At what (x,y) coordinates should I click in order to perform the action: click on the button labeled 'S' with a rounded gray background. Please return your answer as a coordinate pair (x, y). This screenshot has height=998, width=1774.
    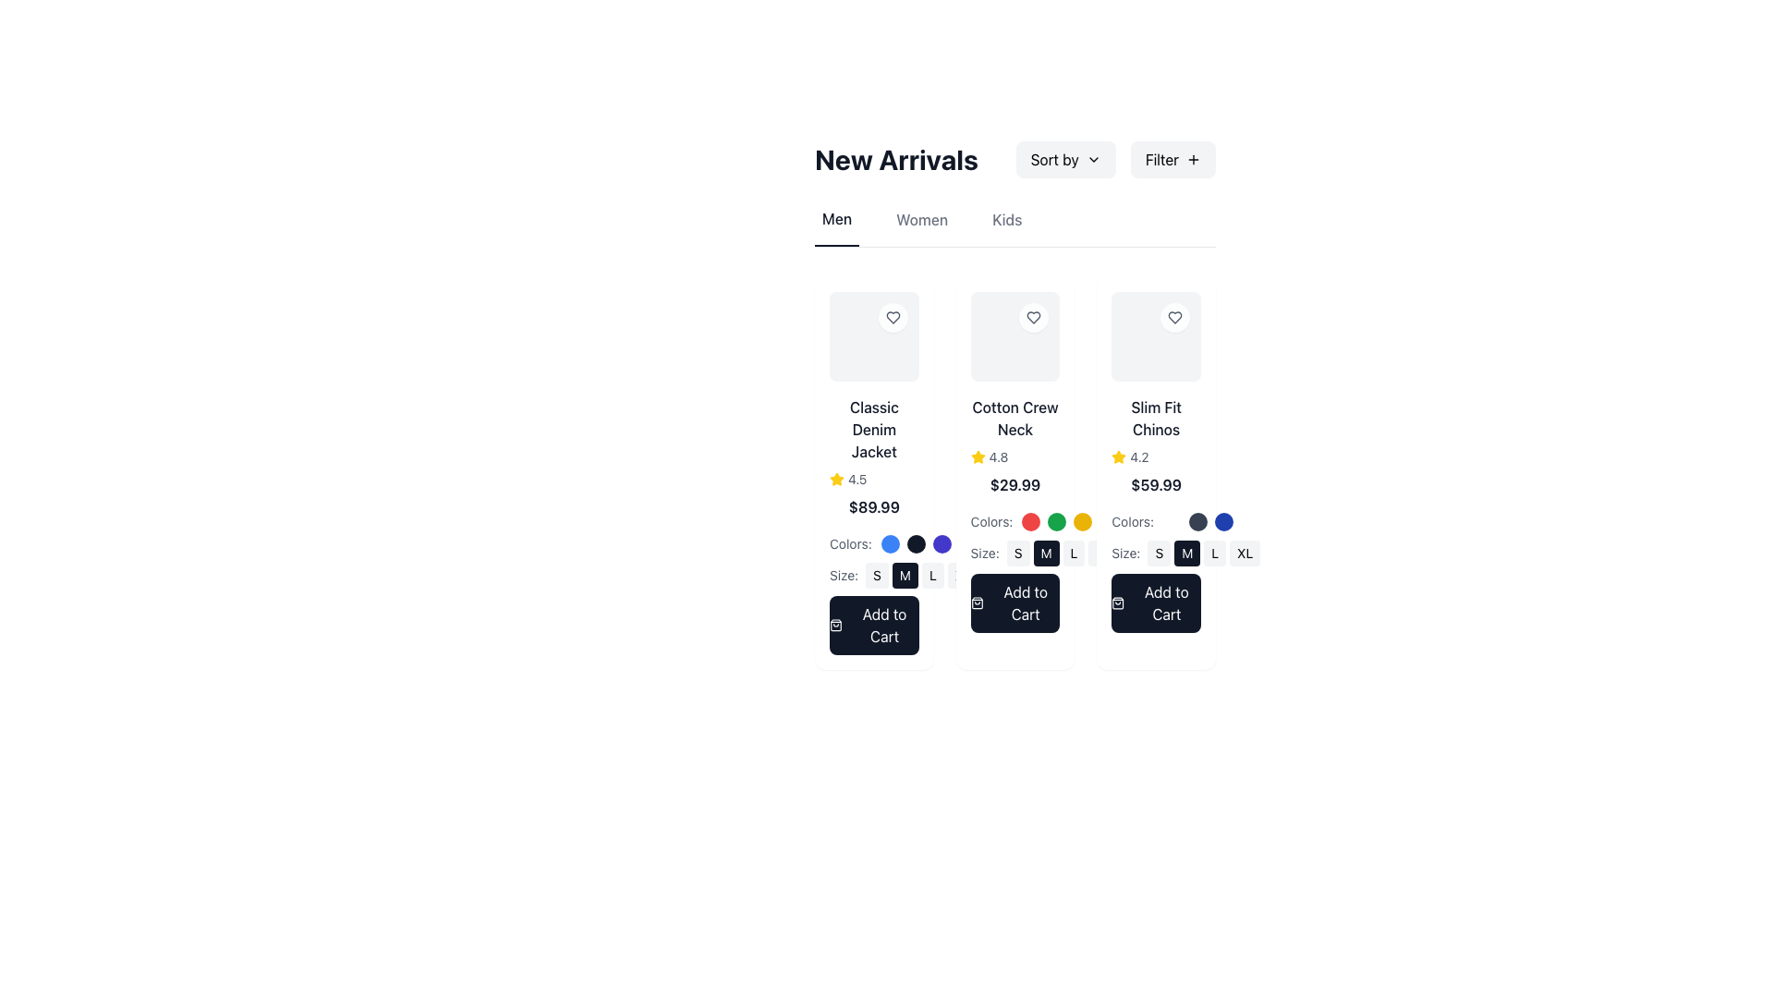
    Looking at the image, I should click on (876, 574).